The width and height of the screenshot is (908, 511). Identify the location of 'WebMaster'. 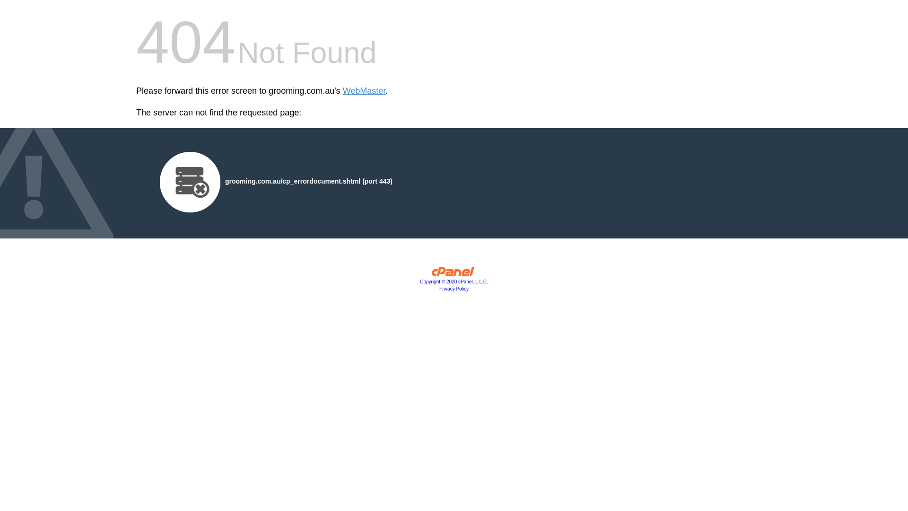
(364, 91).